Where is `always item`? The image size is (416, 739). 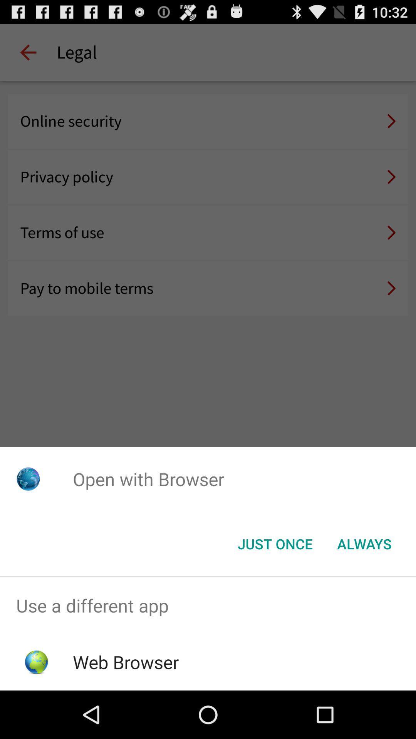 always item is located at coordinates (364, 543).